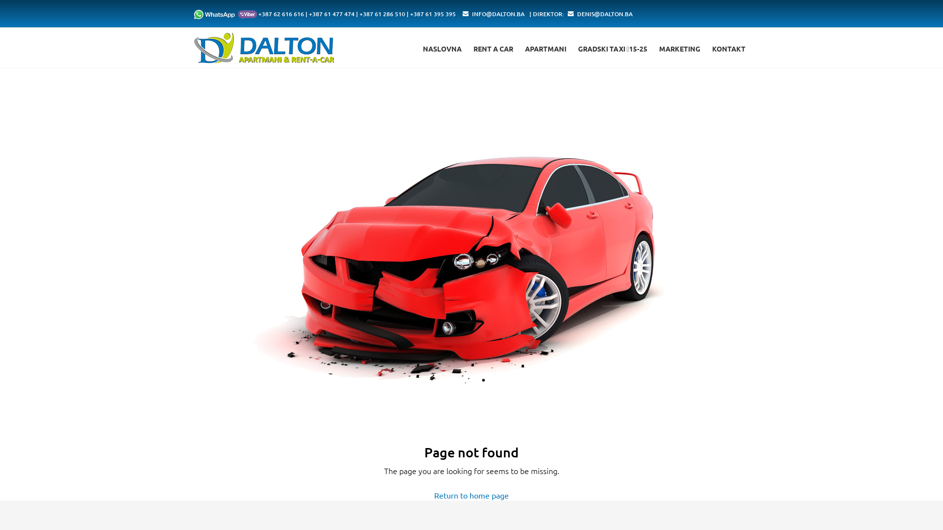 The width and height of the screenshot is (943, 530). What do you see at coordinates (525, 49) in the screenshot?
I see `'APARTMANI'` at bounding box center [525, 49].